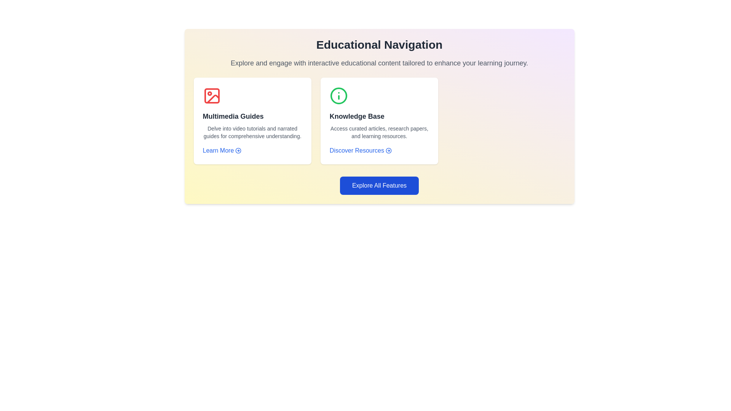 Image resolution: width=731 pixels, height=411 pixels. I want to click on the Text label that serves as the title for its associated card, located at the center of the card below a circular green icon, so click(356, 116).